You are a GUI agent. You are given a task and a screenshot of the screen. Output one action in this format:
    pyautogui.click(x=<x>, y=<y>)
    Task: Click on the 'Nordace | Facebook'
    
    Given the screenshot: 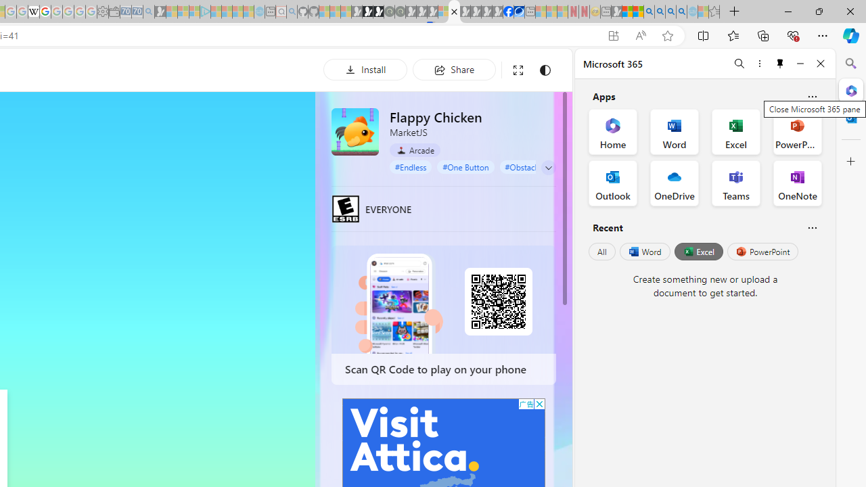 What is the action you would take?
    pyautogui.click(x=507, y=11)
    